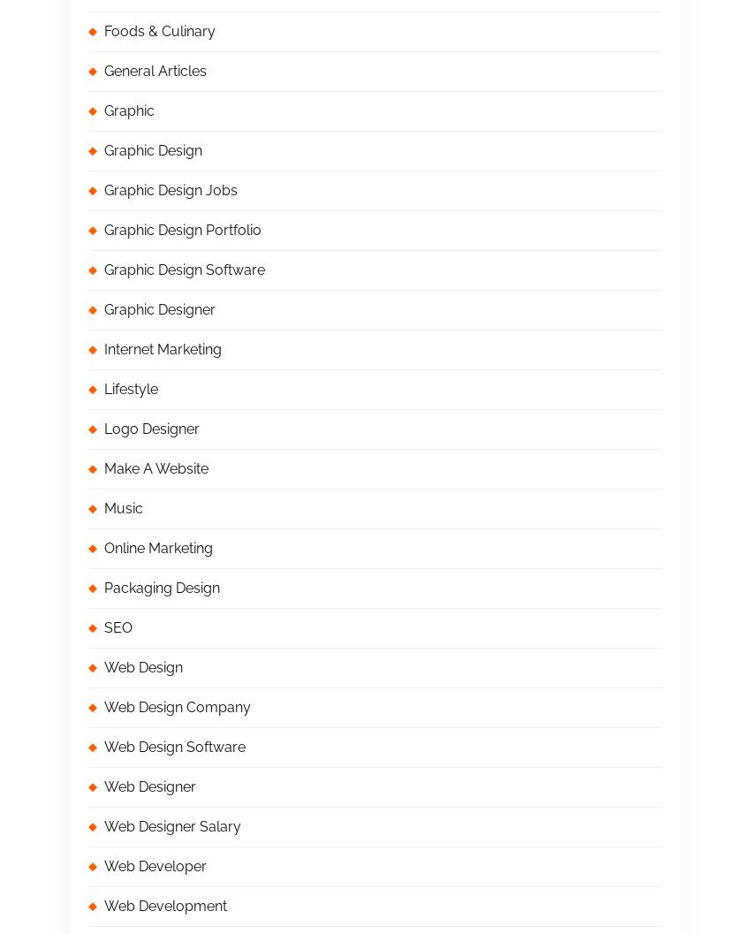 The image size is (751, 934). I want to click on 'Web Developer', so click(155, 866).